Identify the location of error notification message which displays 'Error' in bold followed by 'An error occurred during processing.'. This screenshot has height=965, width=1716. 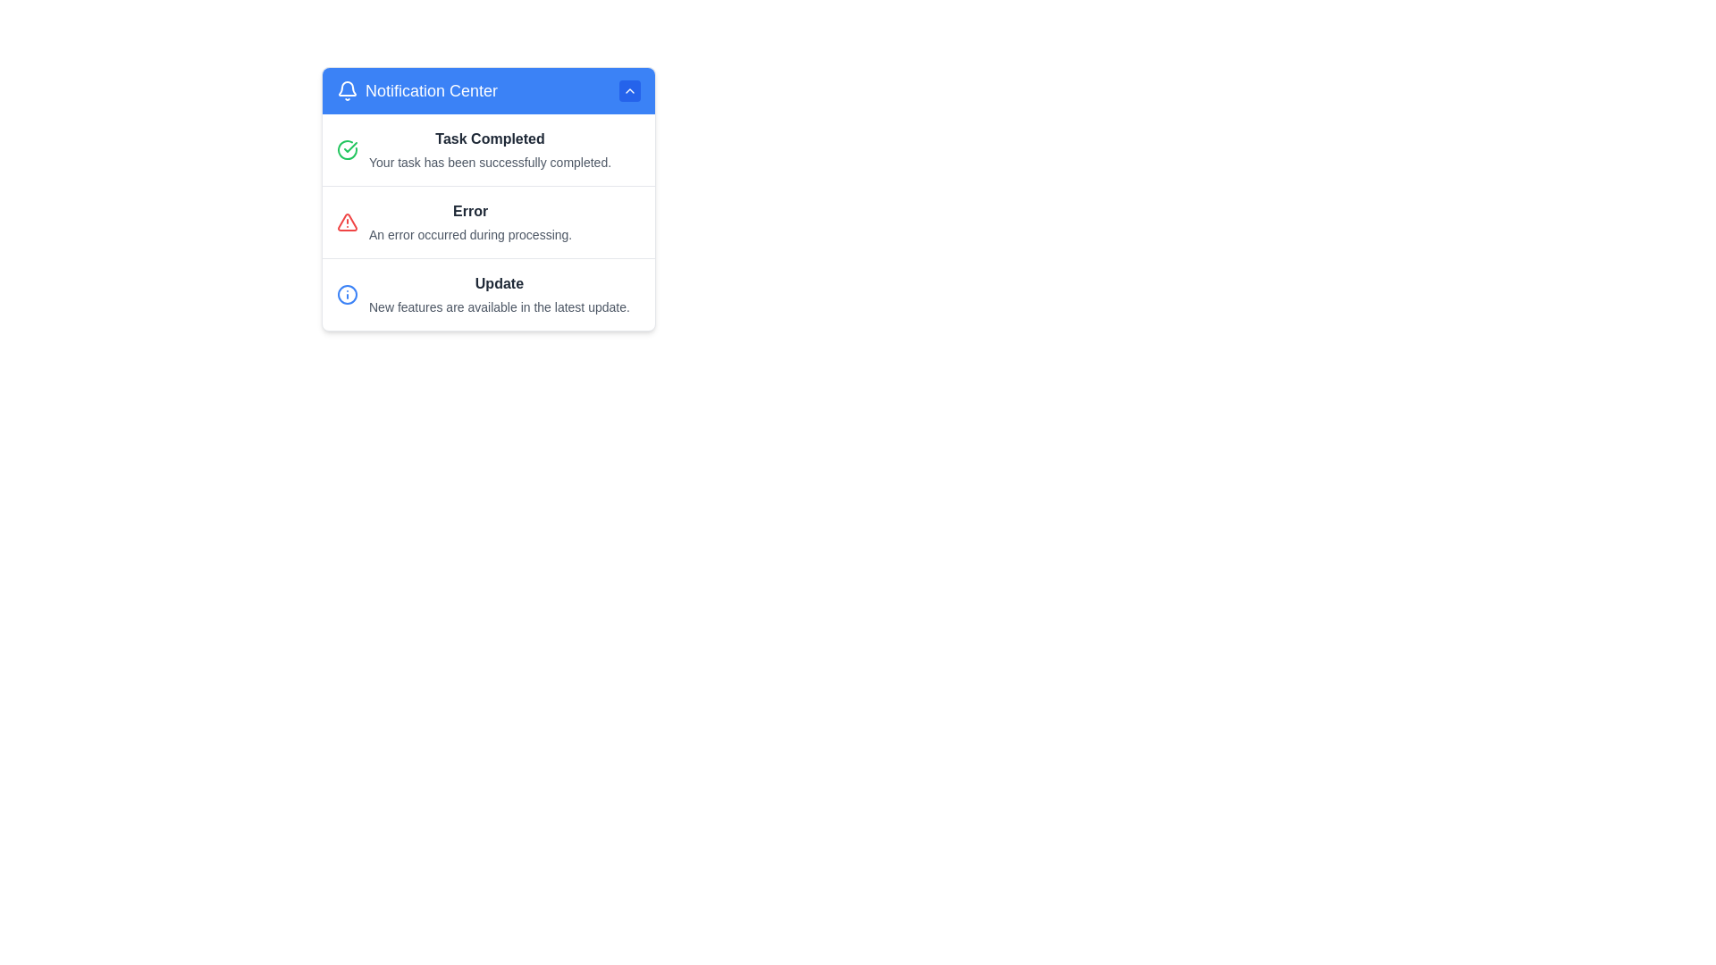
(489, 222).